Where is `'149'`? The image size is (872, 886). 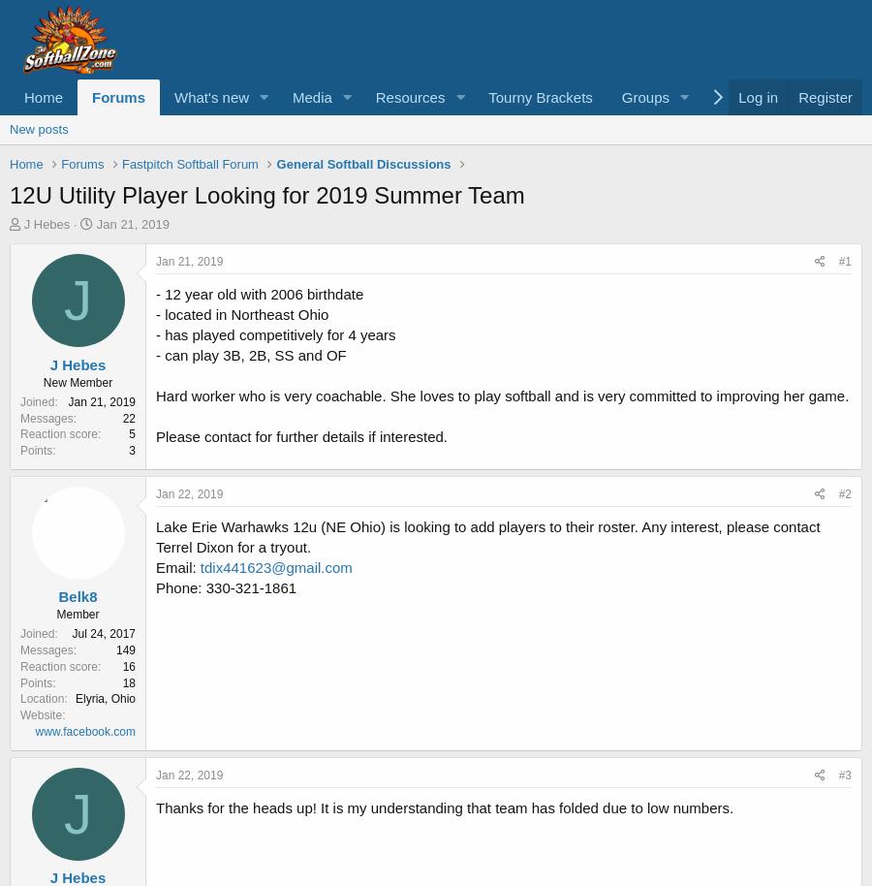 '149' is located at coordinates (125, 649).